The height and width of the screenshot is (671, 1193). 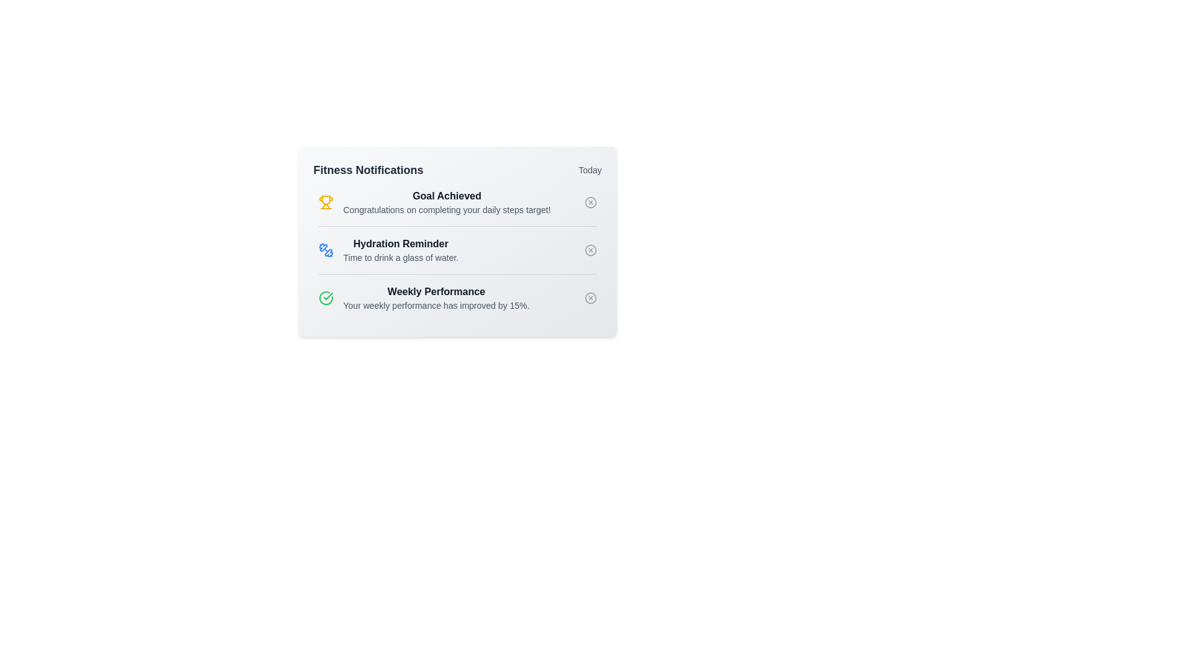 What do you see at coordinates (326, 250) in the screenshot?
I see `the small, blue dumbbell icon located to the left of the 'Hydration Reminder' list item in the notification card` at bounding box center [326, 250].